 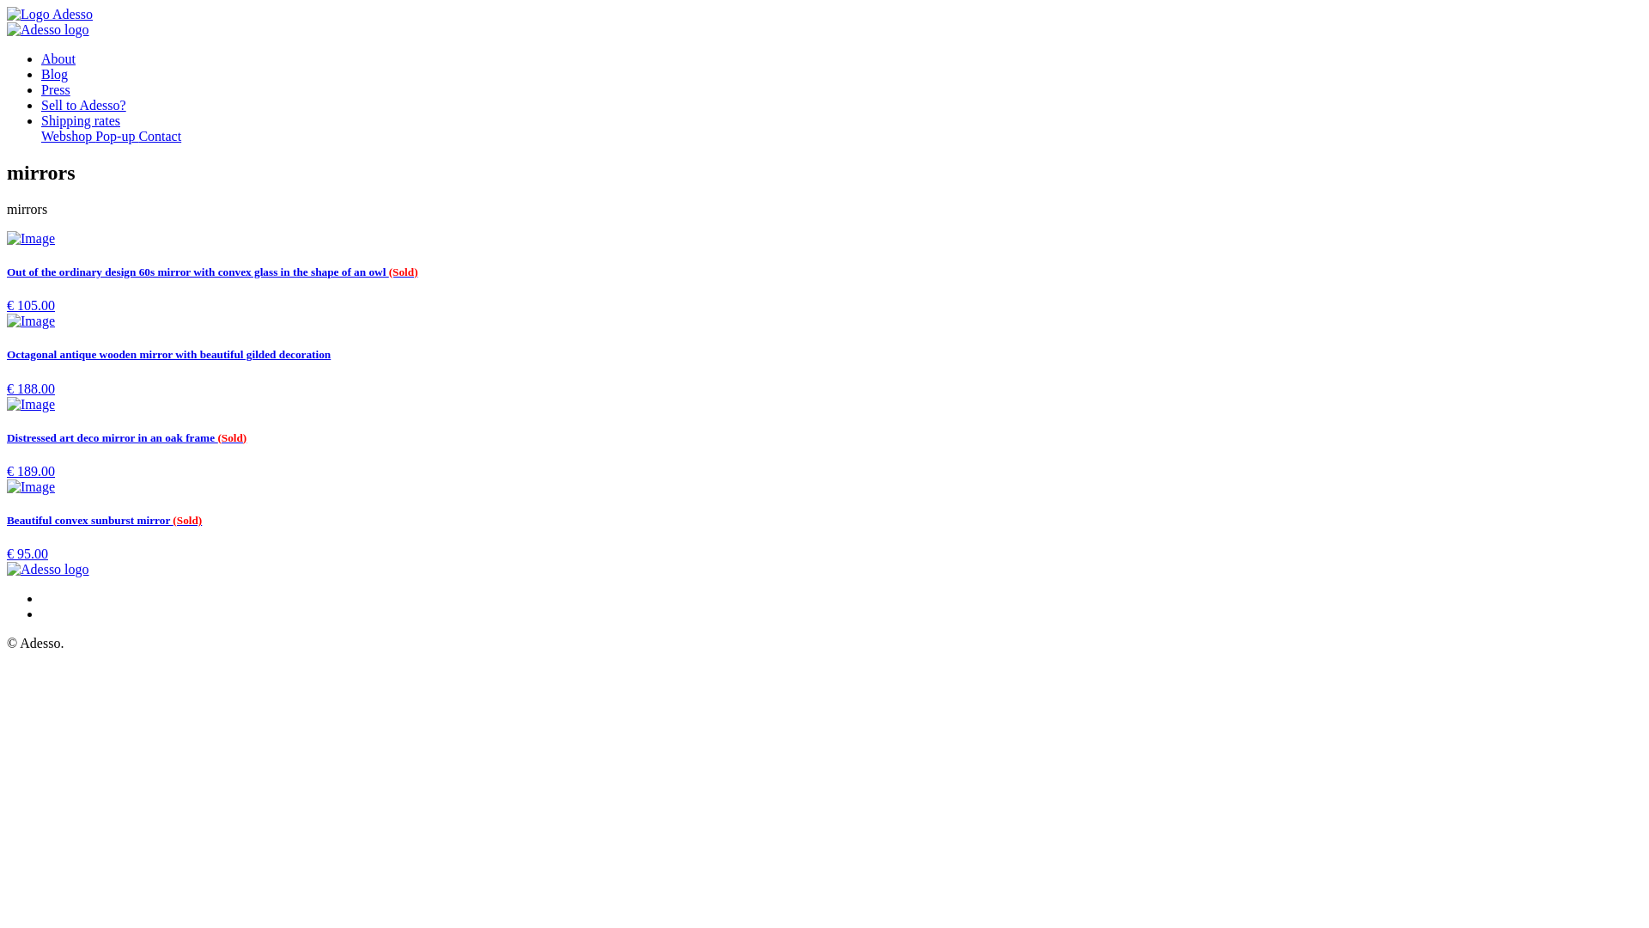 What do you see at coordinates (68, 135) in the screenshot?
I see `'Webshop'` at bounding box center [68, 135].